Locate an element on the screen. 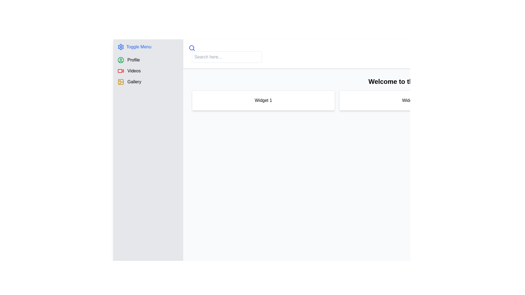 Image resolution: width=525 pixels, height=295 pixels. the lower portion of the red video camera icon that represents the 'Videos' navigation item is located at coordinates (119, 70).